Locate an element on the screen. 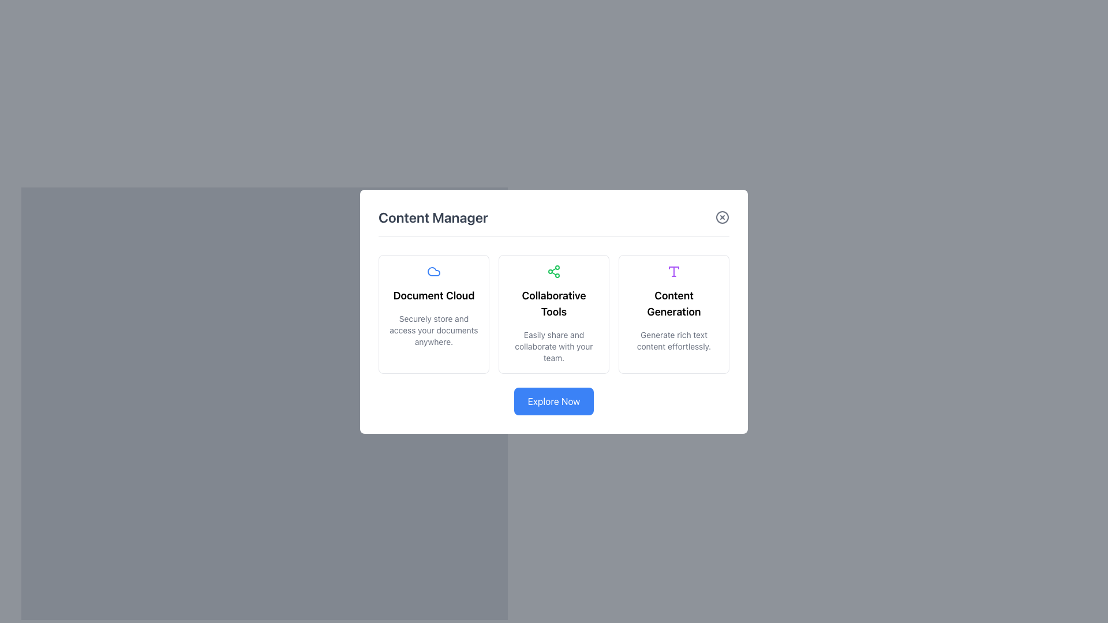 The height and width of the screenshot is (623, 1108). the SVG icon representing 'Content Generation' is located at coordinates (673, 271).